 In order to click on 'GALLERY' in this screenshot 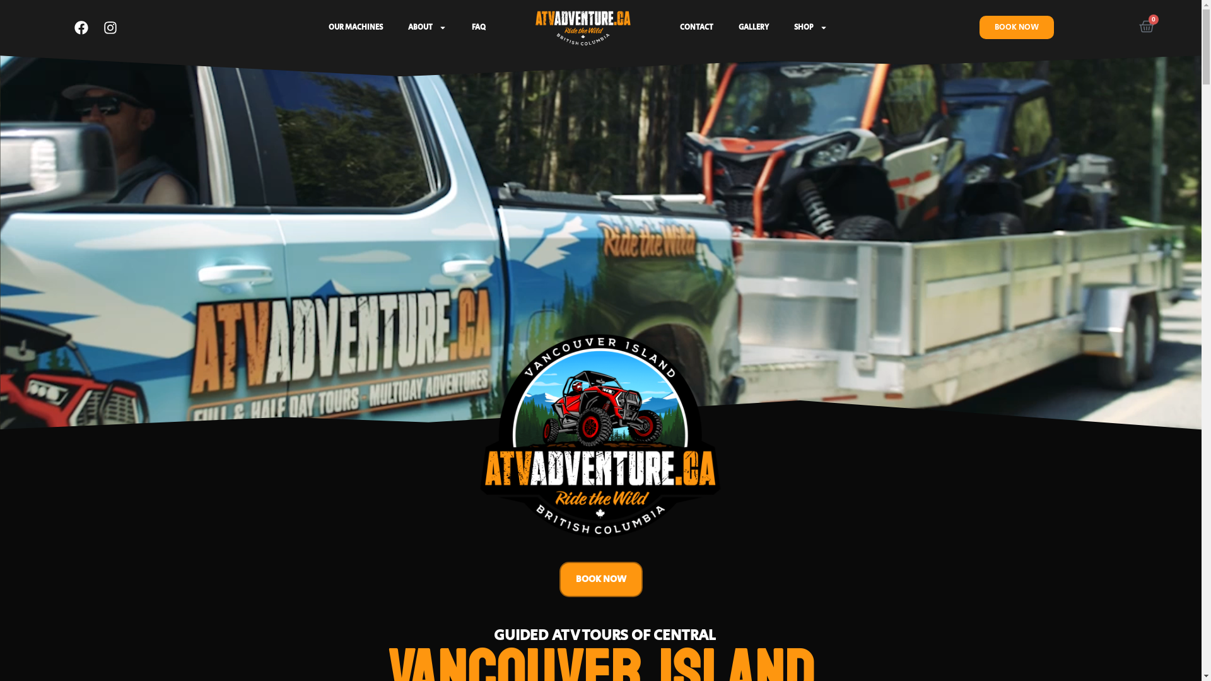, I will do `click(754, 27)`.